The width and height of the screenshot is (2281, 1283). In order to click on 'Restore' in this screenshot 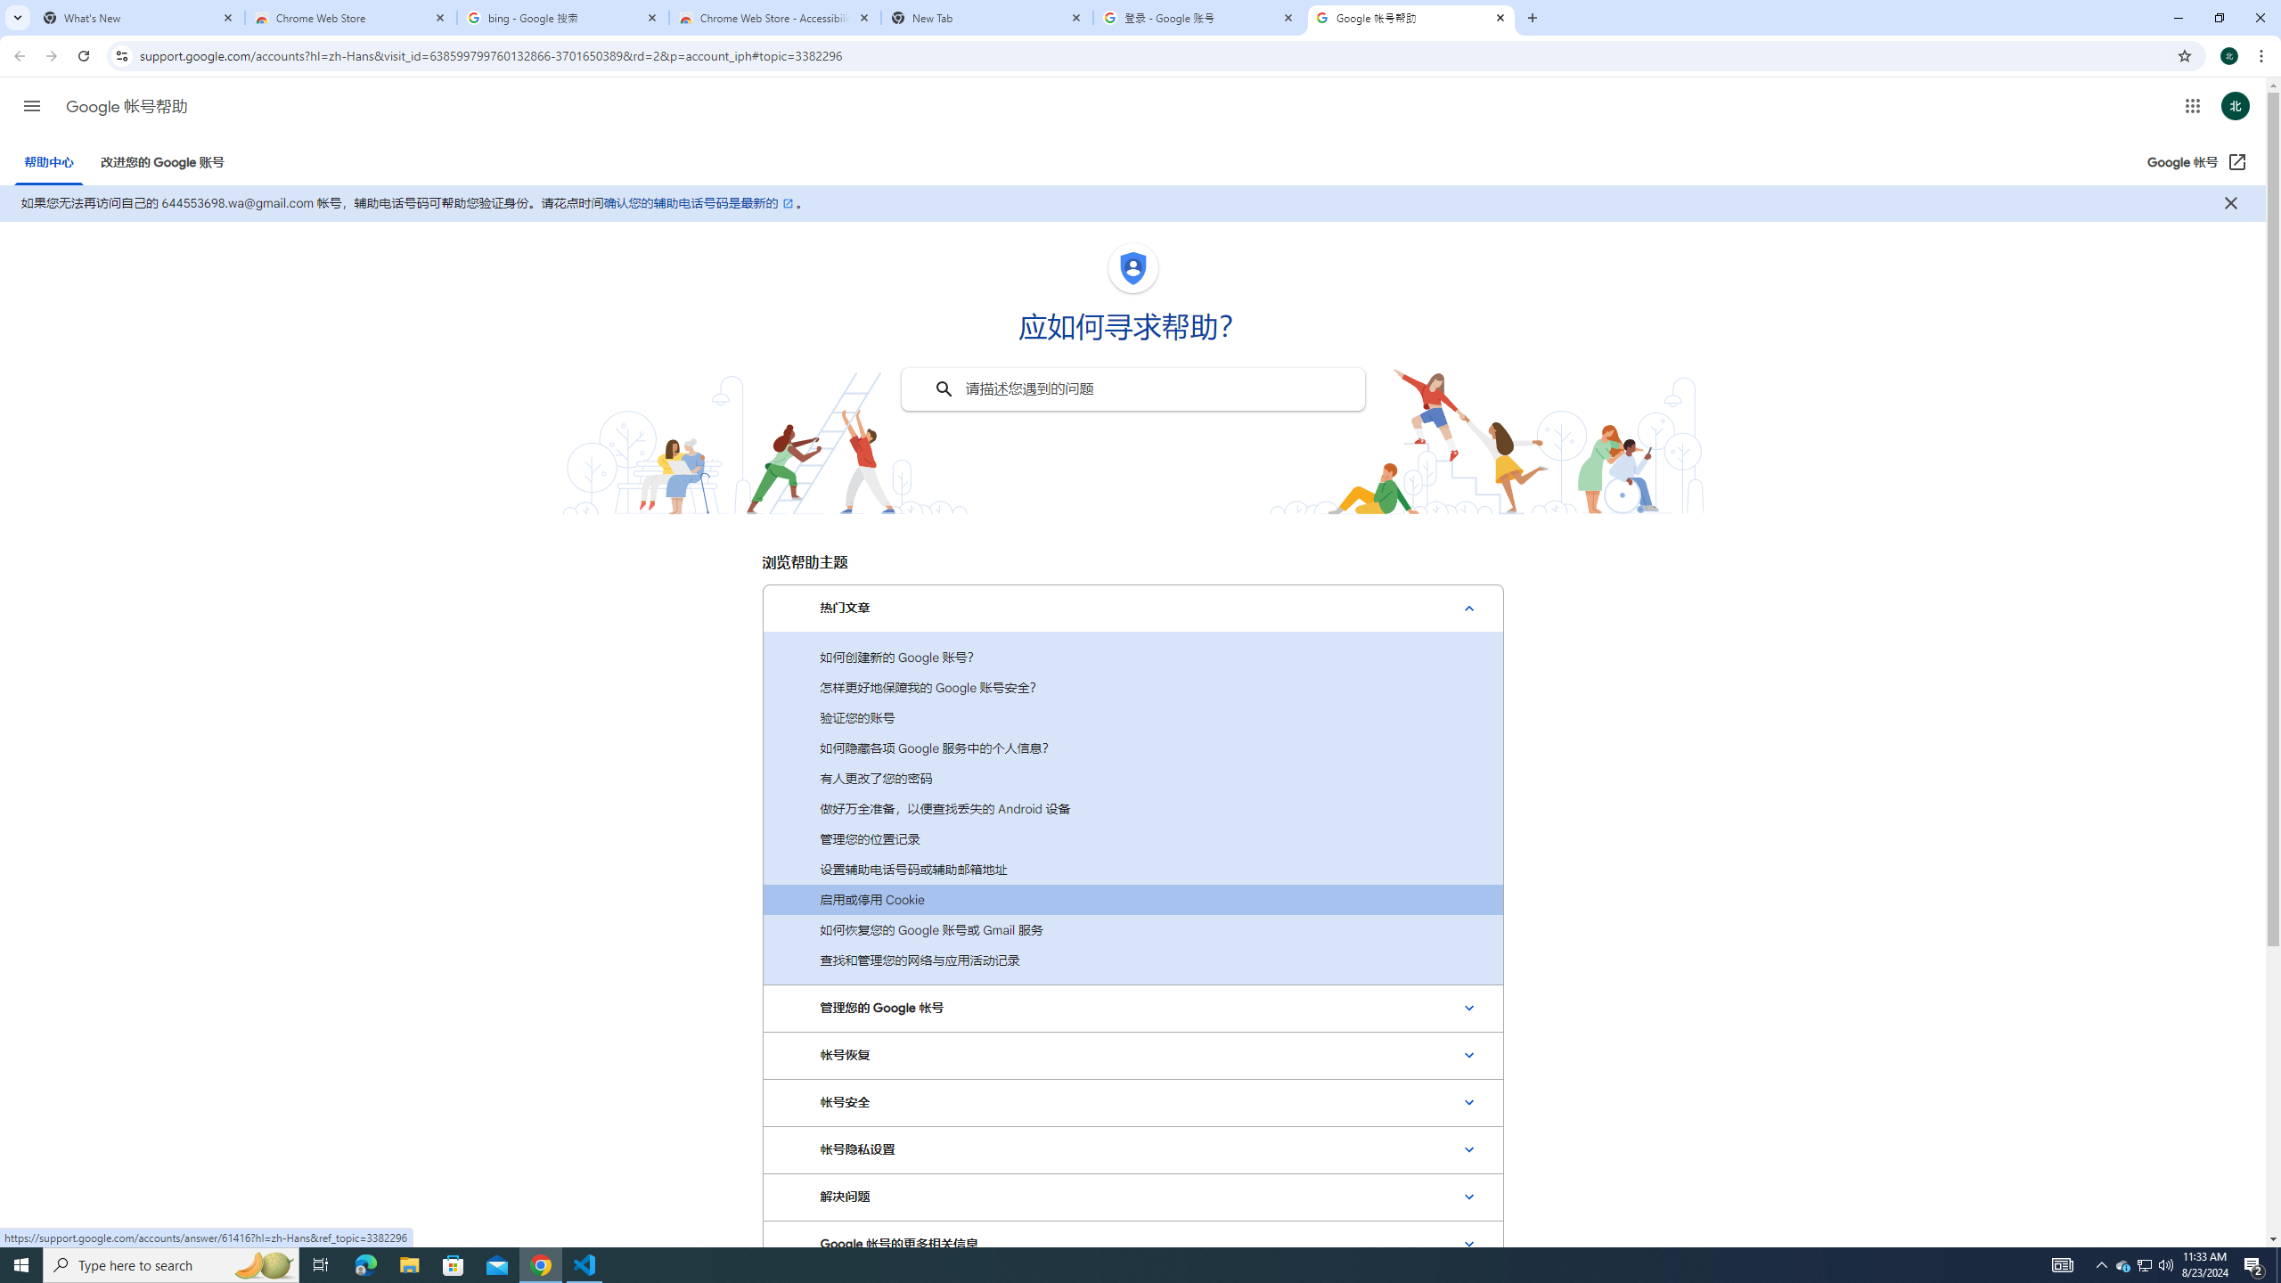, I will do `click(2219, 17)`.